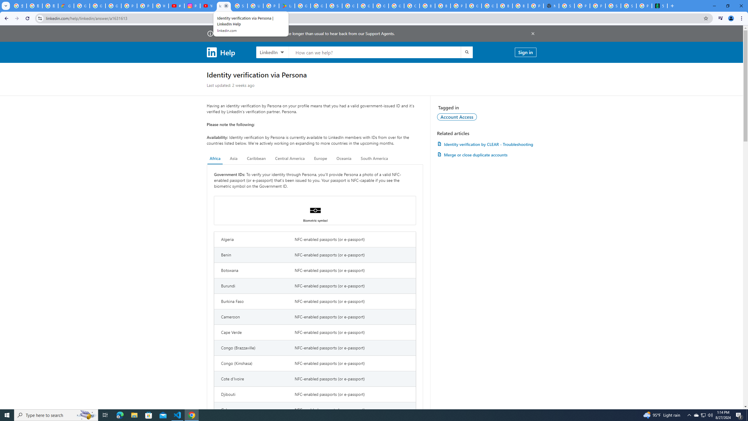  I want to click on 'Identity verification by CLEAR - Troubleshooting', so click(486, 144).